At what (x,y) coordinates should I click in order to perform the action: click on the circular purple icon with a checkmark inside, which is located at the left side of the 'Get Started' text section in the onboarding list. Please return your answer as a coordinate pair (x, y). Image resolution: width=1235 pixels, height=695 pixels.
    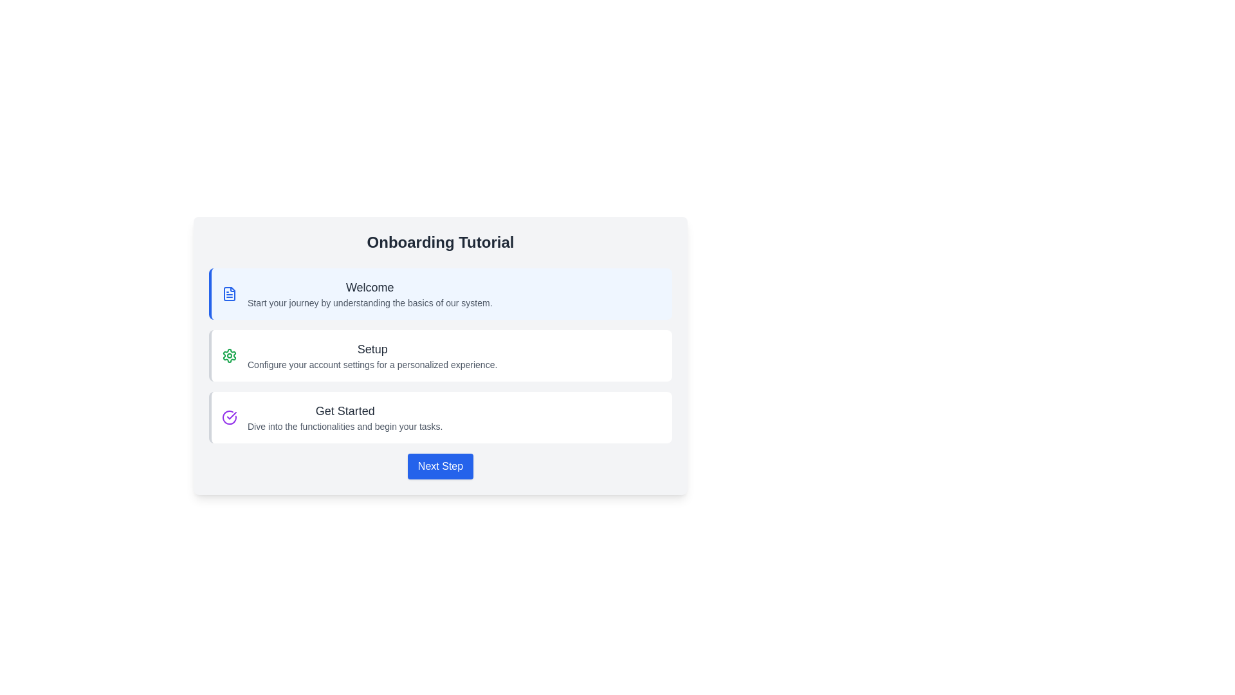
    Looking at the image, I should click on (229, 417).